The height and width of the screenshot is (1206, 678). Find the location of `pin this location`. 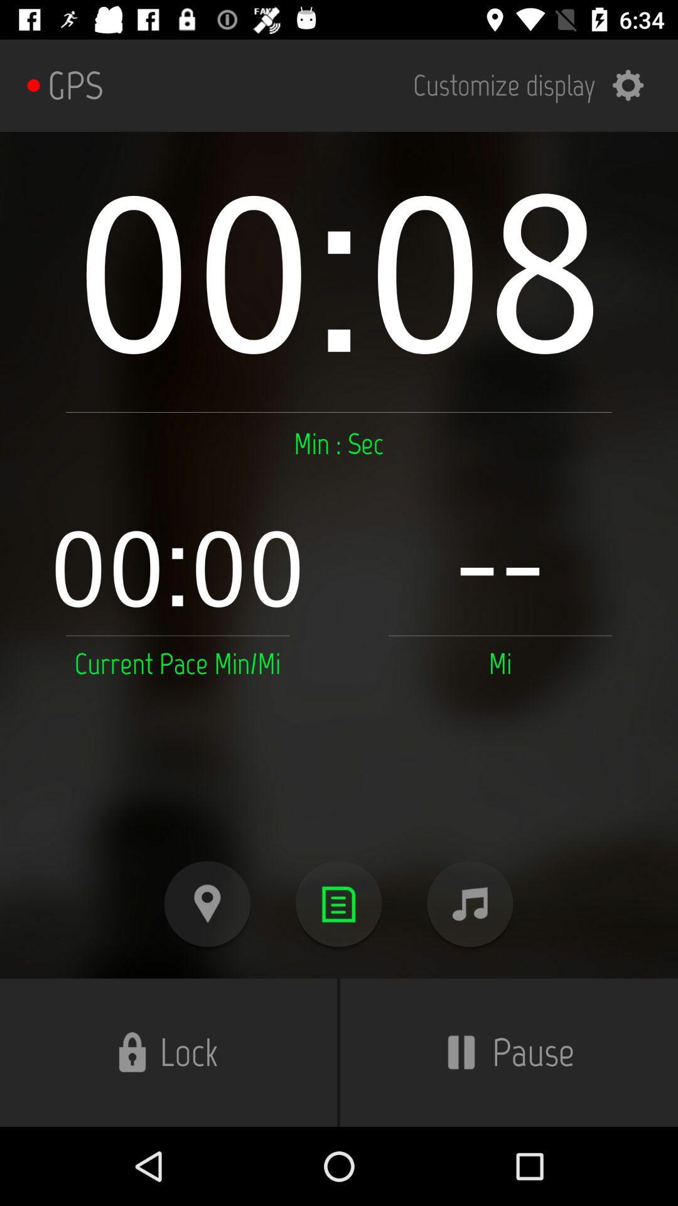

pin this location is located at coordinates (207, 903).